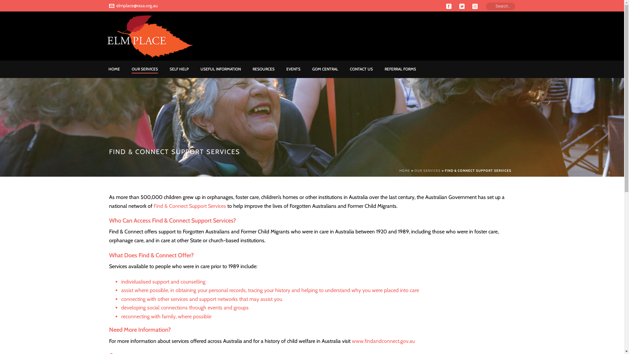 The image size is (629, 354). What do you see at coordinates (136, 5) in the screenshot?
I see `'elmplace@rasa.org.au'` at bounding box center [136, 5].